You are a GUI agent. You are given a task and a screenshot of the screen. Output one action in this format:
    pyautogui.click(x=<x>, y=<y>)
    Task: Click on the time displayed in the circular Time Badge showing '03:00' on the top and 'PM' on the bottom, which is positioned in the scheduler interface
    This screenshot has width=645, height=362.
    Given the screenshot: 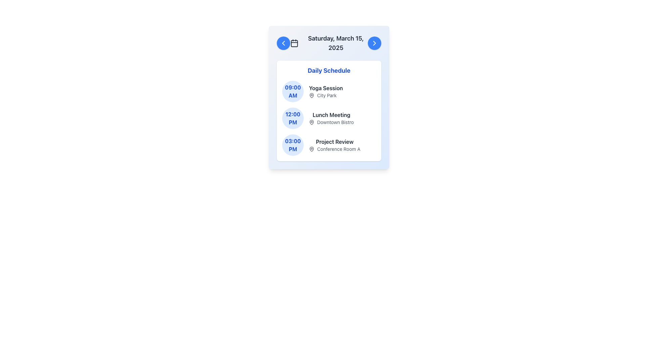 What is the action you would take?
    pyautogui.click(x=293, y=144)
    